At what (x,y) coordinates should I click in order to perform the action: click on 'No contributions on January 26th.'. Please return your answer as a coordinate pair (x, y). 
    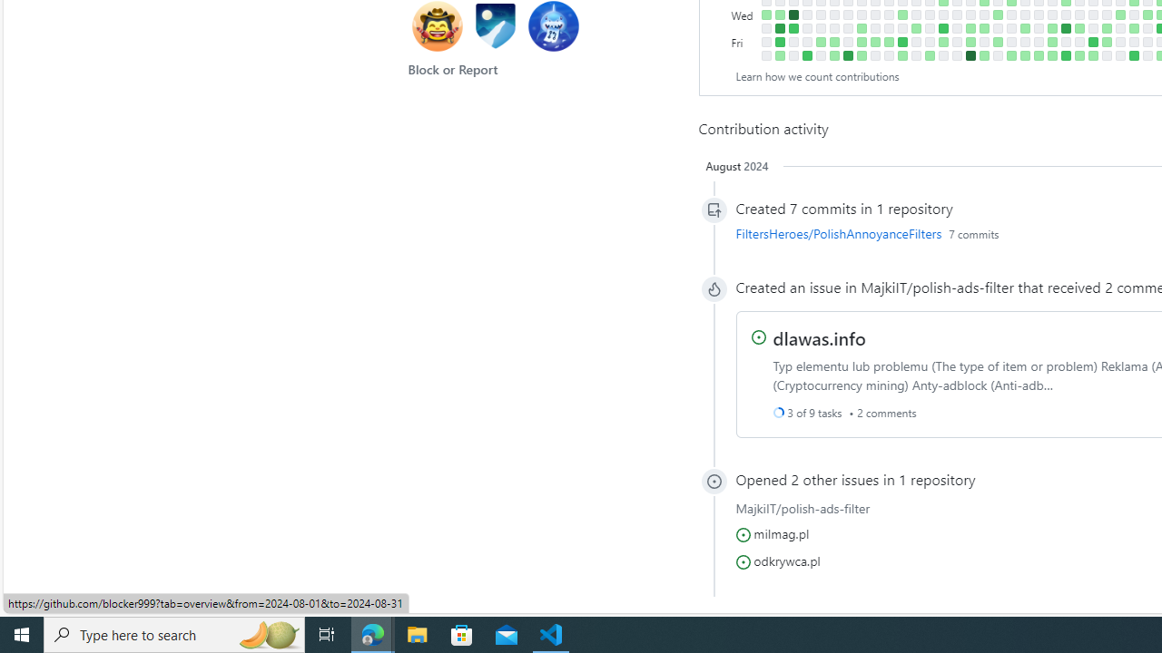
    Looking at the image, I should click on (805, 41).